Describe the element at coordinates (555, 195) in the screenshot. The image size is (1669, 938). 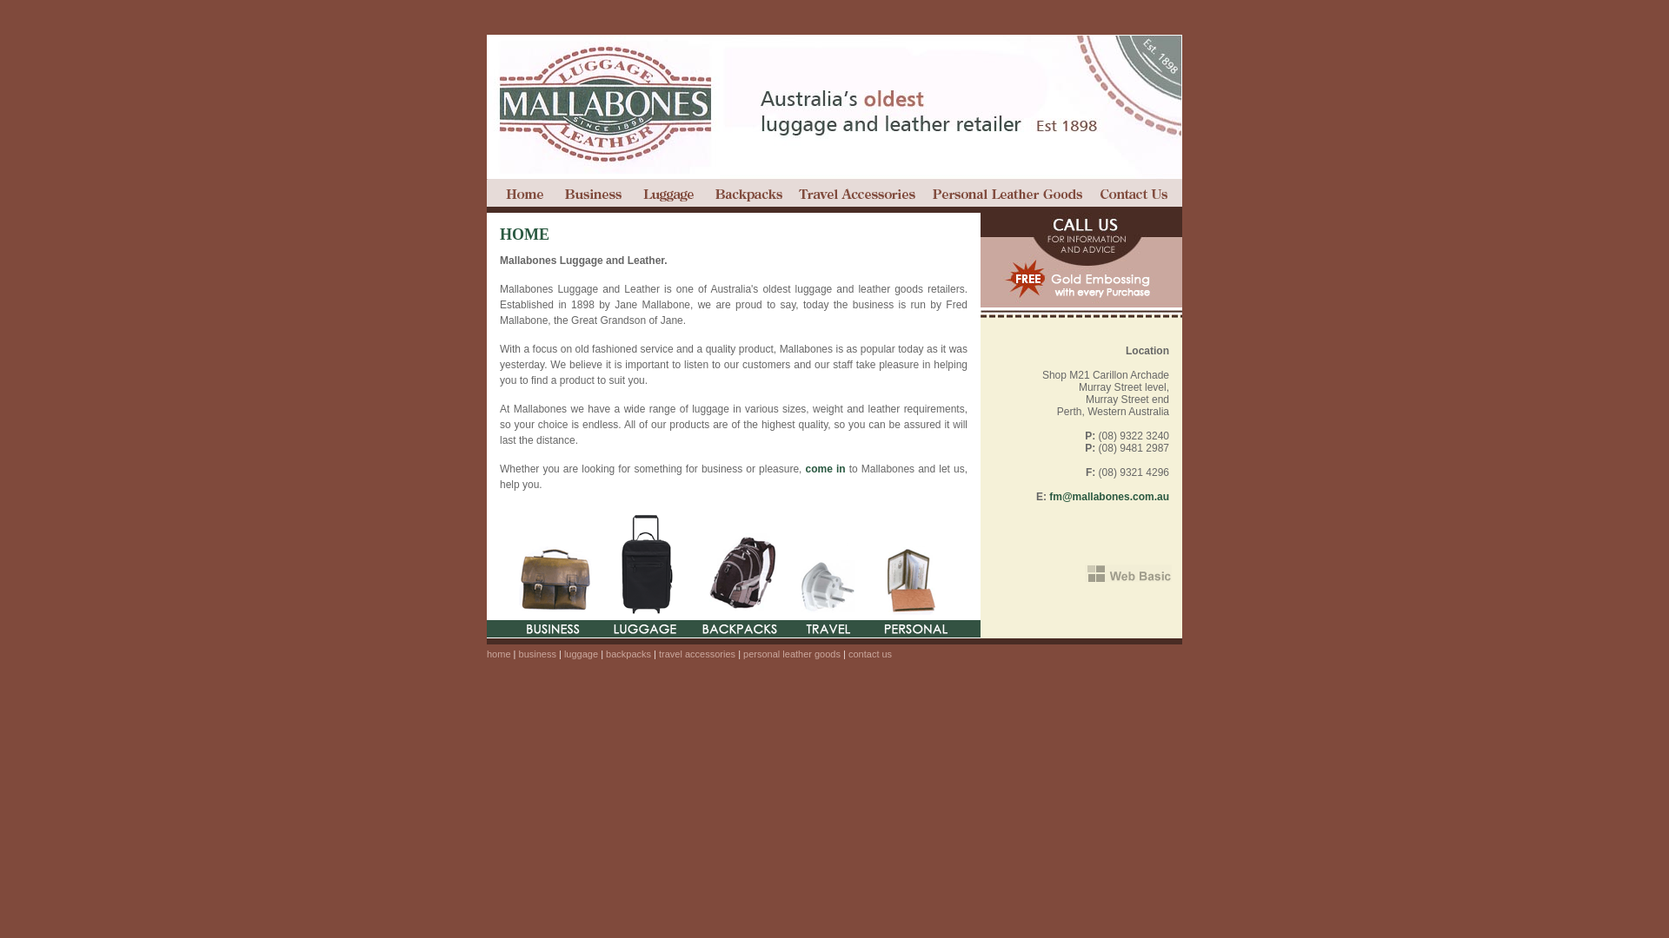
I see `'business'` at that location.